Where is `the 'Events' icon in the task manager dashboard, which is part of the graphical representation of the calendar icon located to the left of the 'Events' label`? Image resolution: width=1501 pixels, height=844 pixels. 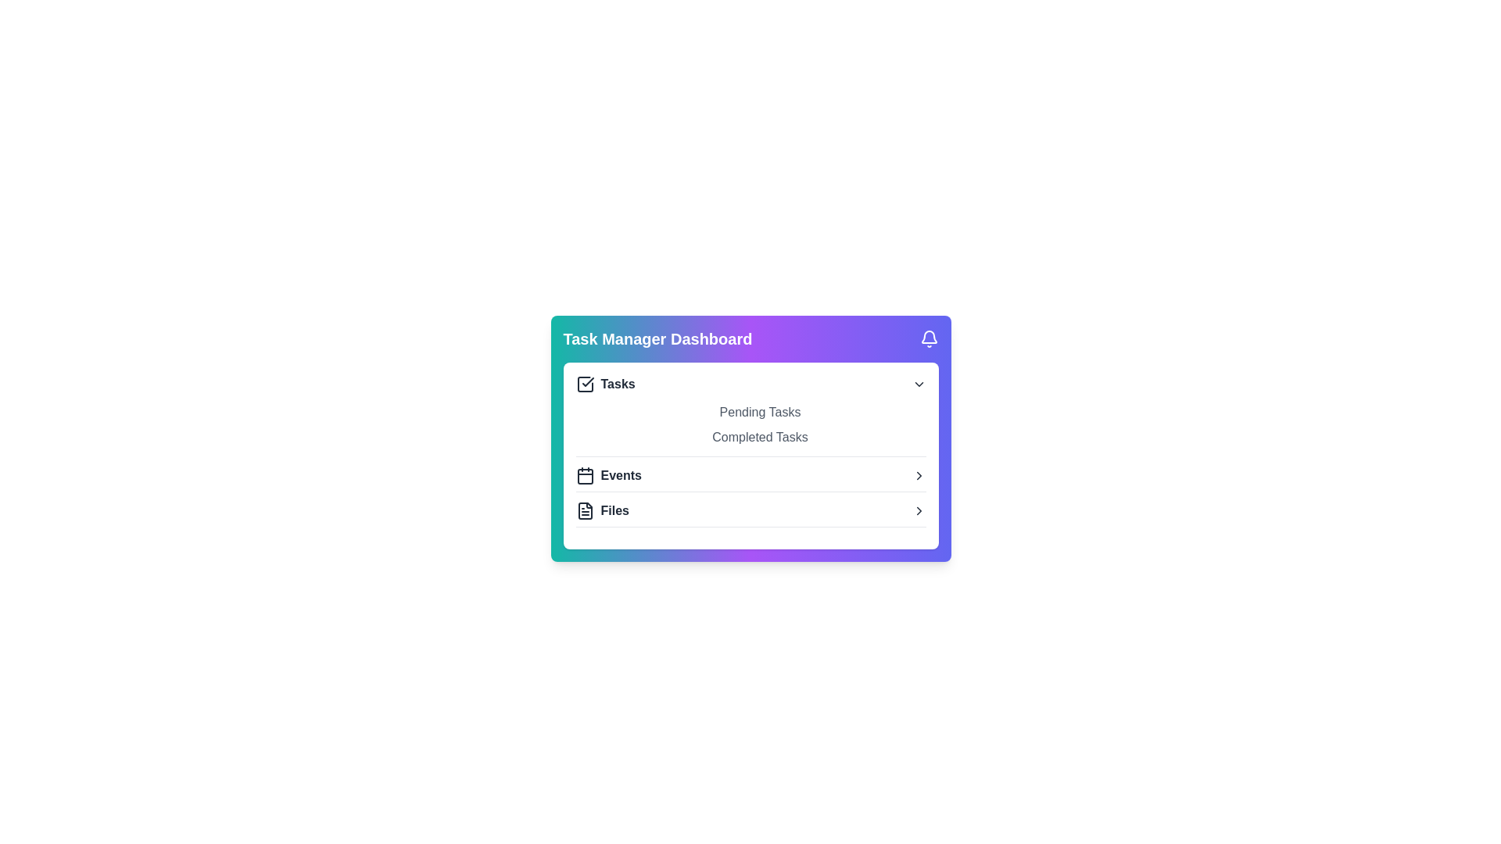
the 'Events' icon in the task manager dashboard, which is part of the graphical representation of the calendar icon located to the left of the 'Events' label is located at coordinates (584, 475).